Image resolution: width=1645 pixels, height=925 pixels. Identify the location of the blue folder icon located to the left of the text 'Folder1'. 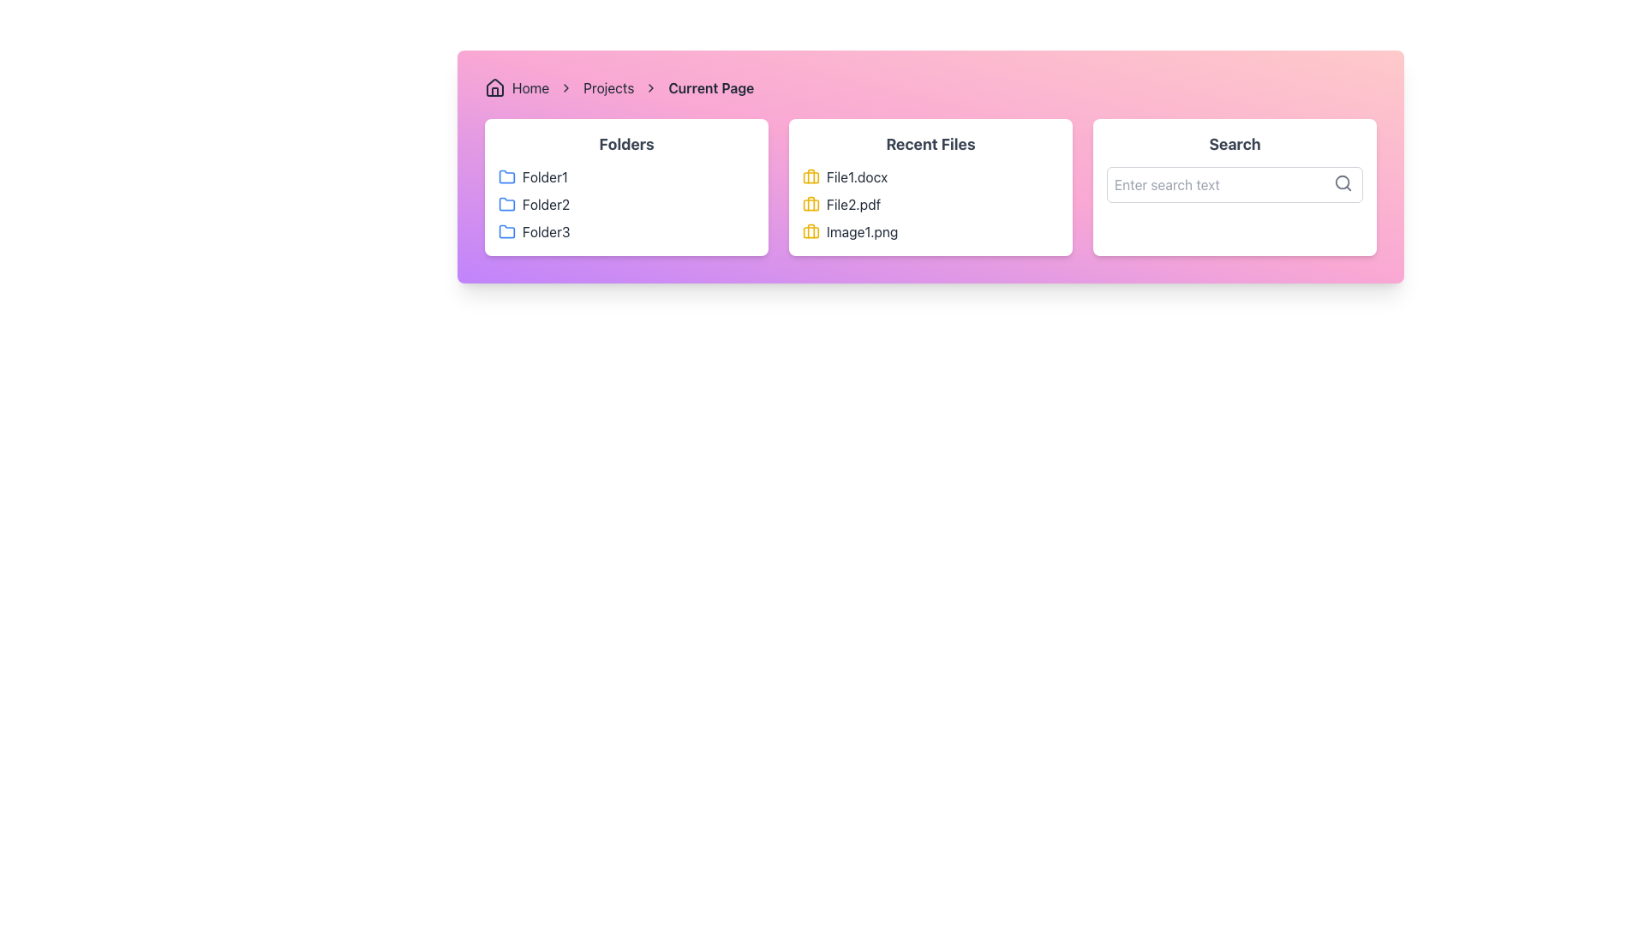
(505, 177).